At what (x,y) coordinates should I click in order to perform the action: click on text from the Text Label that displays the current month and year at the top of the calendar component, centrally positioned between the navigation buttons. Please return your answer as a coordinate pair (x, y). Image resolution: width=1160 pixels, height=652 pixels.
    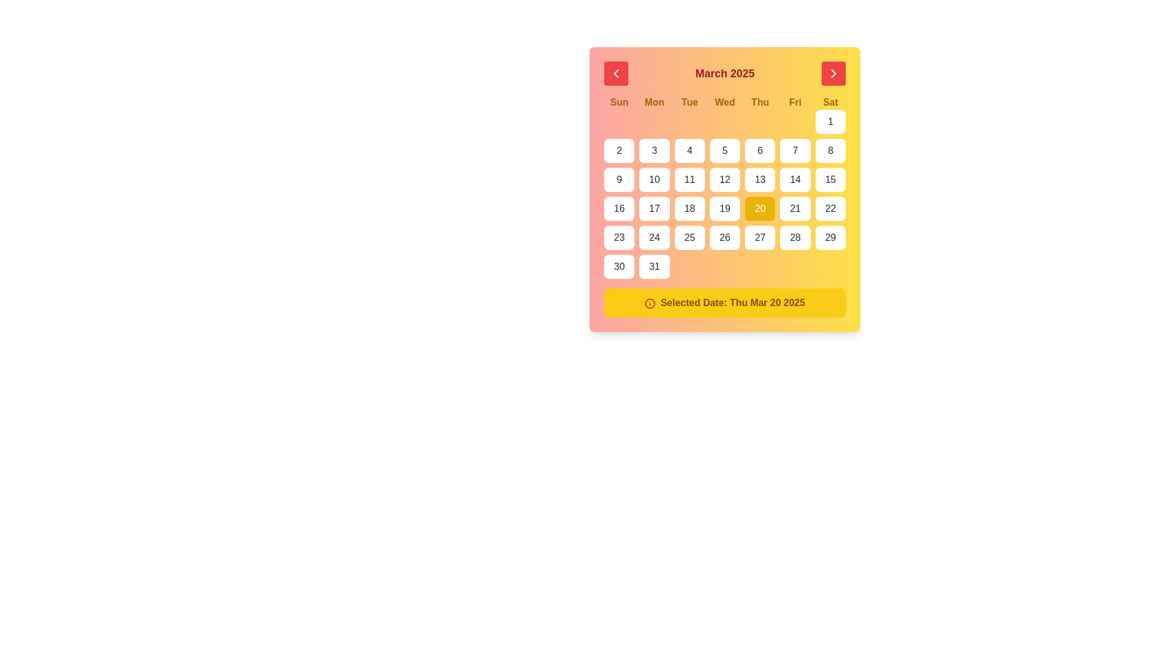
    Looking at the image, I should click on (725, 74).